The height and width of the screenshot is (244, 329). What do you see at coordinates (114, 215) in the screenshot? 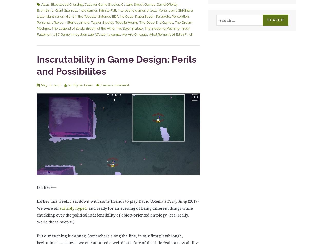
I see `', and ready for an evening of being different things while chuckling over the political indefensibility of object-oriented ontology. (Yes, really. We’re those people.)'` at bounding box center [114, 215].